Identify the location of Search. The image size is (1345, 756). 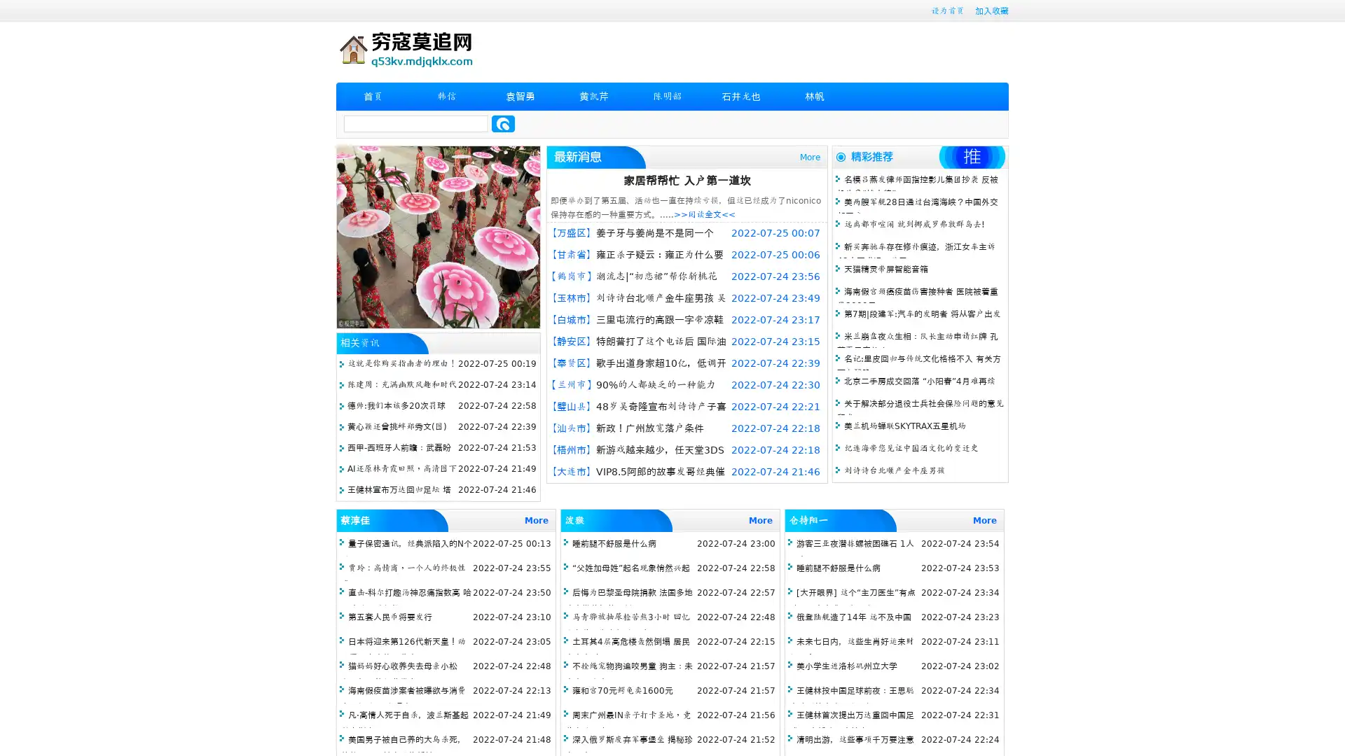
(503, 123).